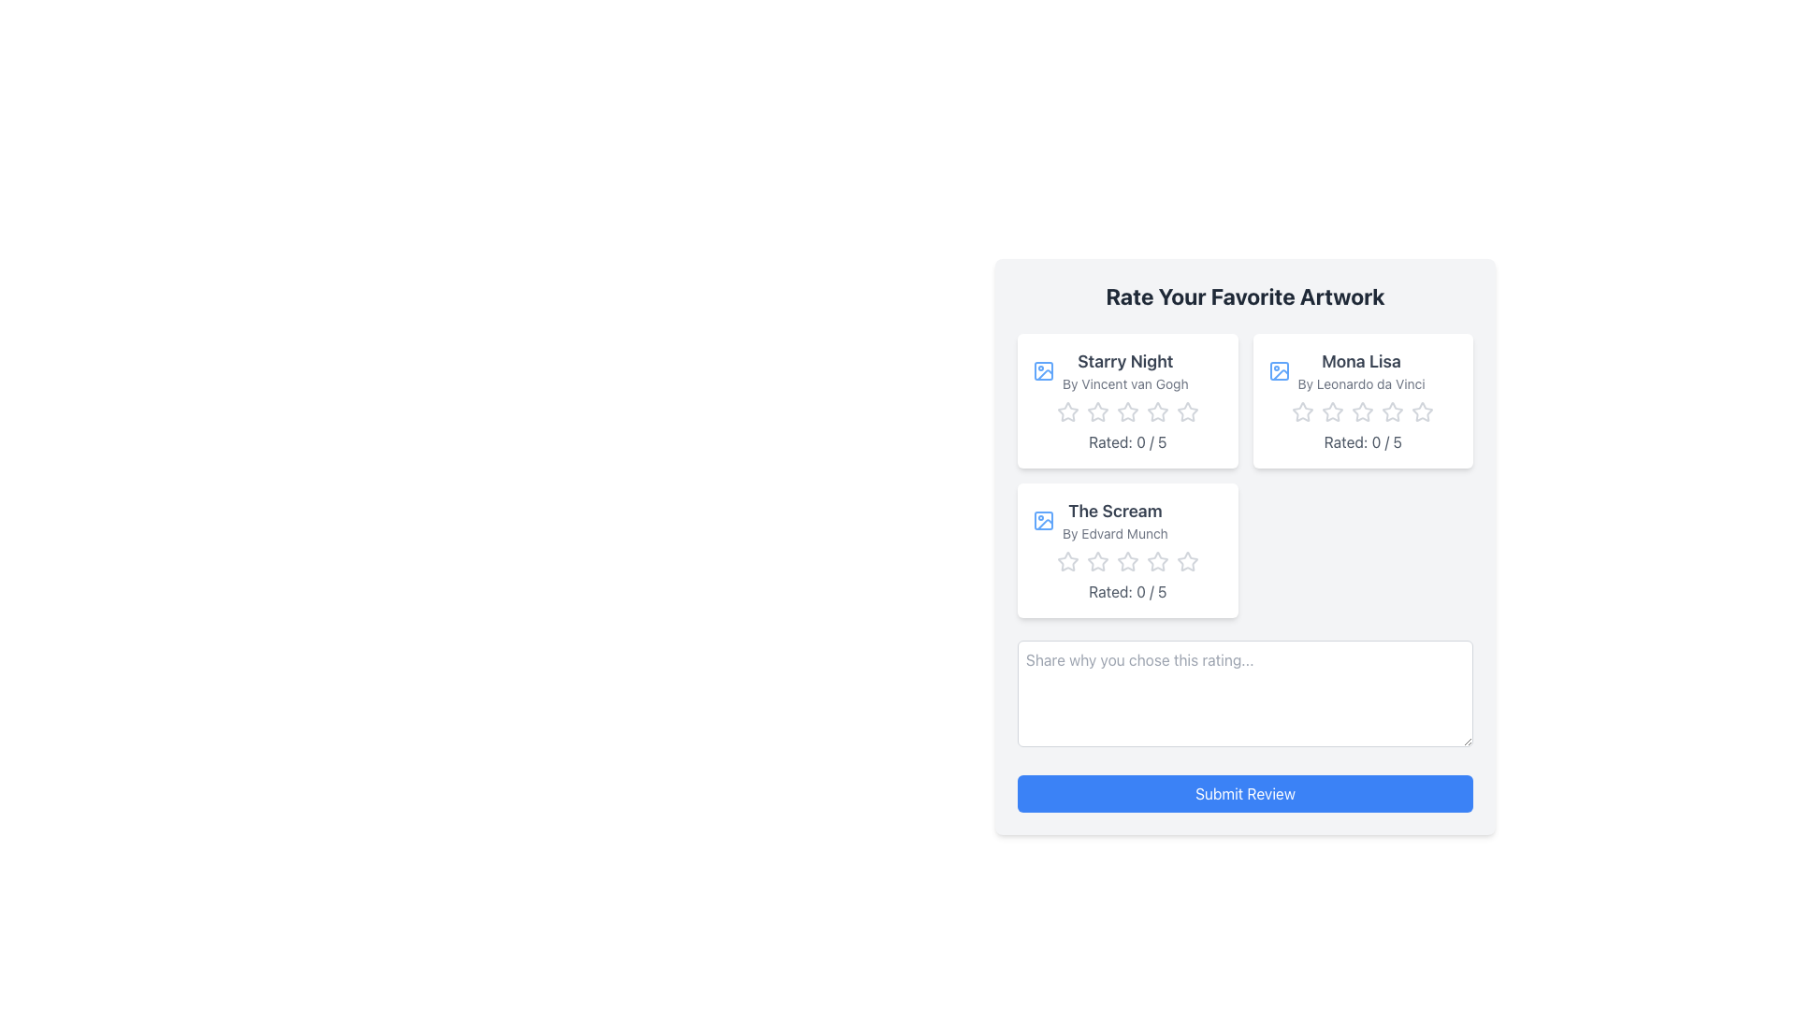 The width and height of the screenshot is (1796, 1010). What do you see at coordinates (1363, 411) in the screenshot?
I see `the interactive star rating component for the 'Mona Lisa' using the keyboard for accessibility` at bounding box center [1363, 411].